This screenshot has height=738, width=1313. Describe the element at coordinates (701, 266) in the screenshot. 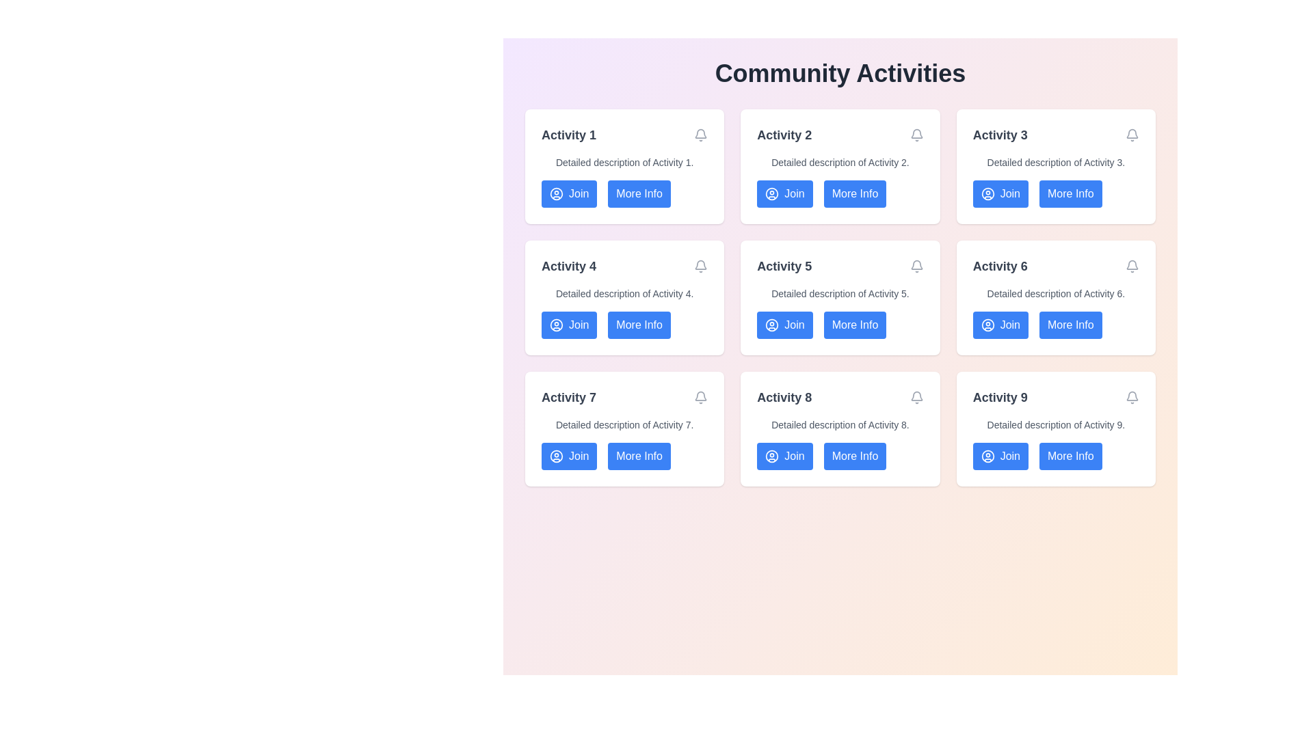

I see `the bell icon located in the top-right corner of the card titled 'Activity 4', which serves as a notification control for toggling notifications on or off` at that location.